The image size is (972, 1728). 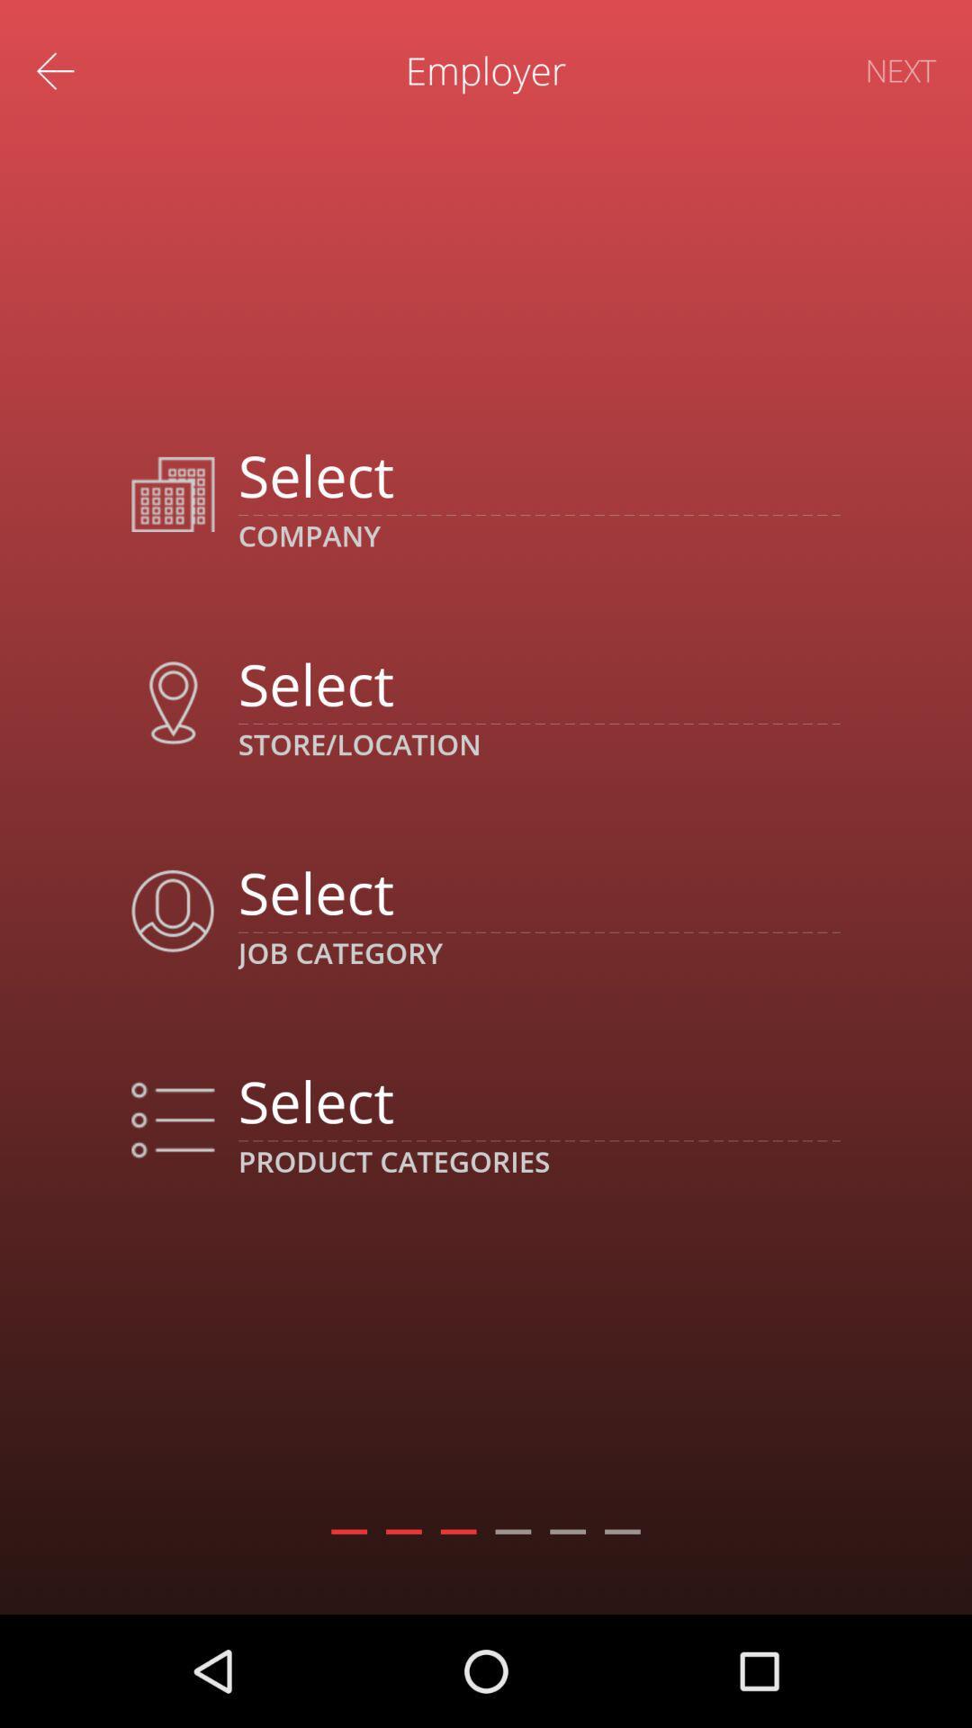 What do you see at coordinates (538, 892) in the screenshot?
I see `choose job category` at bounding box center [538, 892].